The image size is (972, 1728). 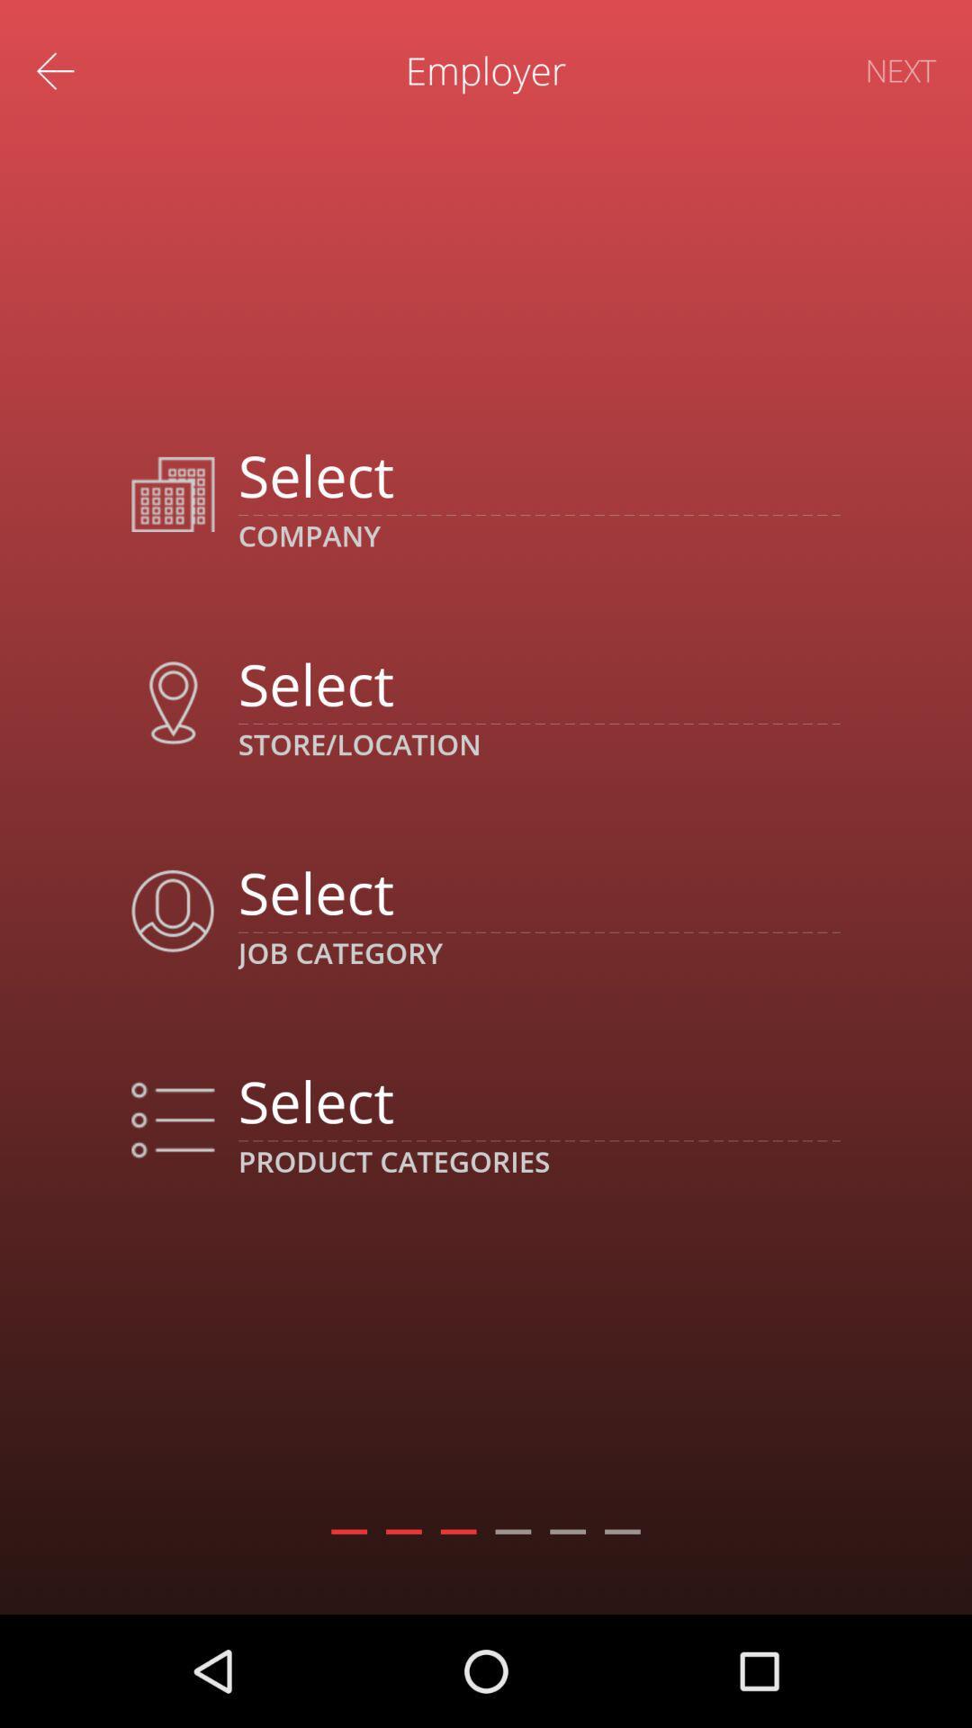 What do you see at coordinates (538, 892) in the screenshot?
I see `choose job category` at bounding box center [538, 892].